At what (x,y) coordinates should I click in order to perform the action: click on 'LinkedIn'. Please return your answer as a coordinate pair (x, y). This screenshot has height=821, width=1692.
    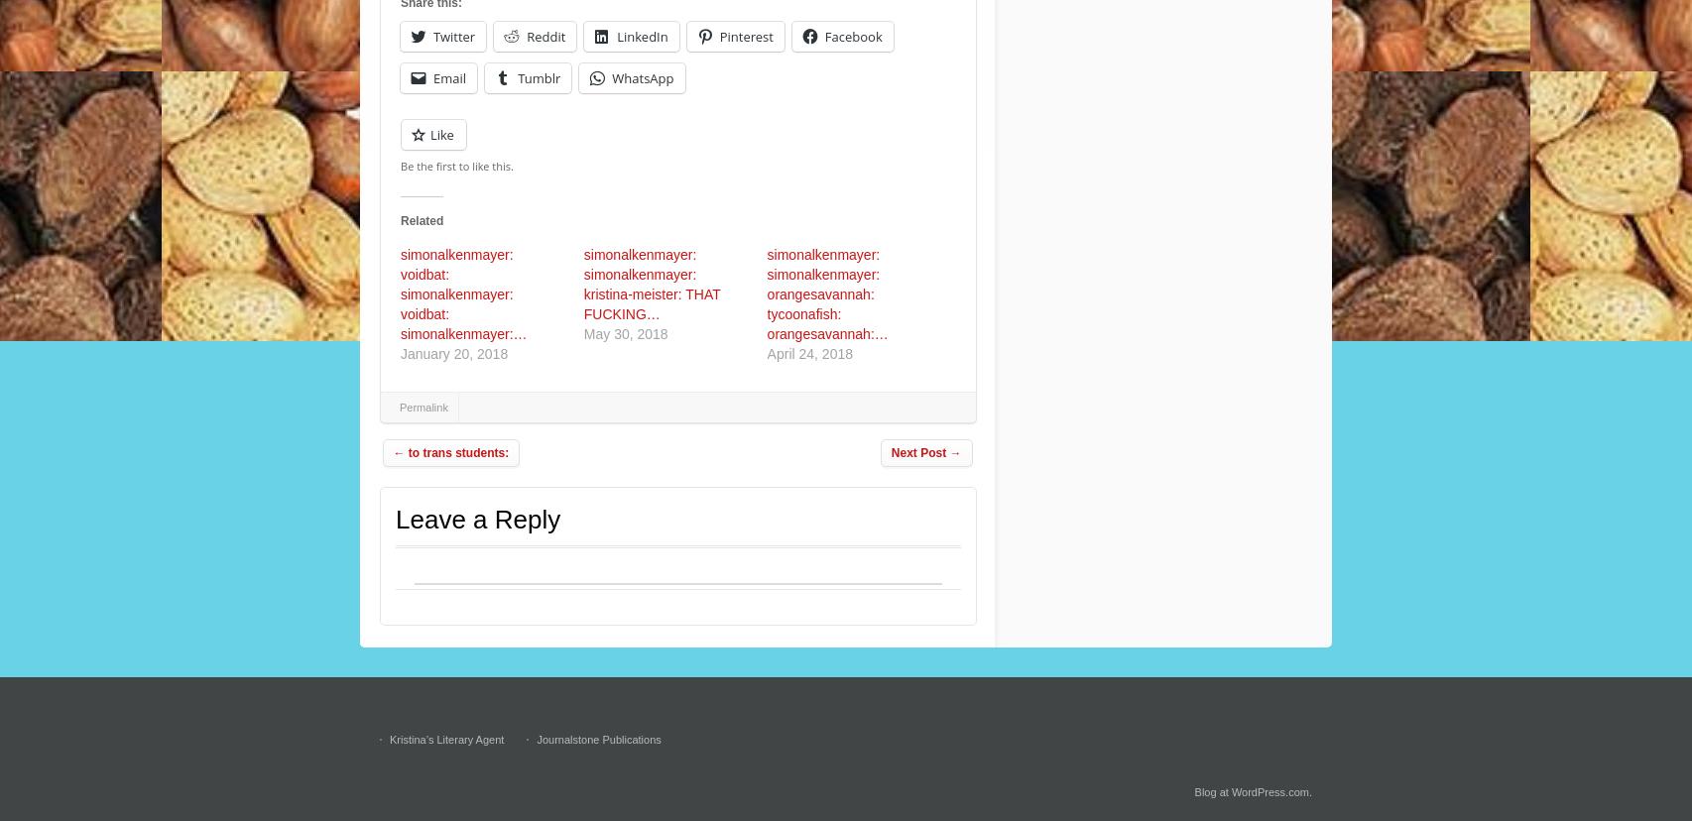
    Looking at the image, I should click on (641, 36).